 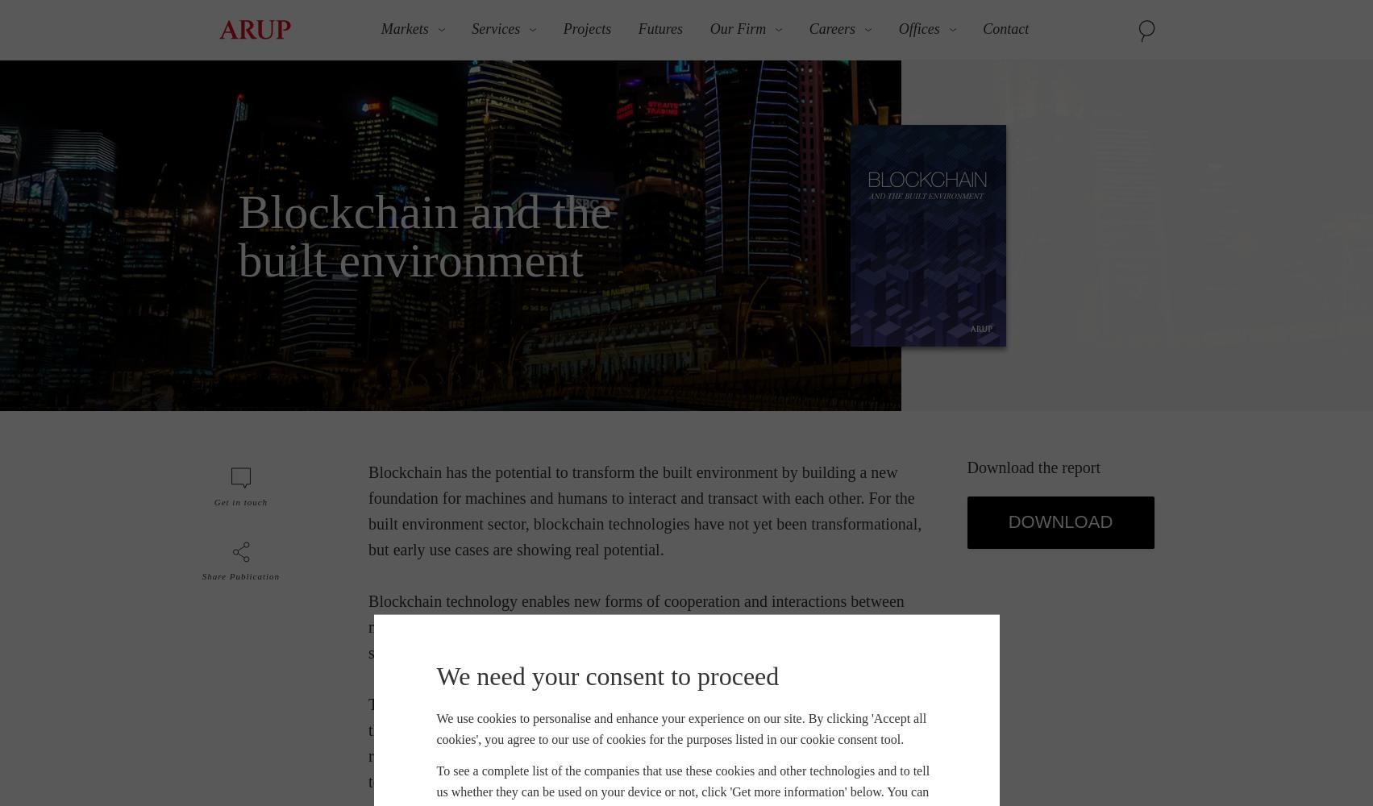 What do you see at coordinates (269, 225) in the screenshot?
I see `'Arts and culture'` at bounding box center [269, 225].